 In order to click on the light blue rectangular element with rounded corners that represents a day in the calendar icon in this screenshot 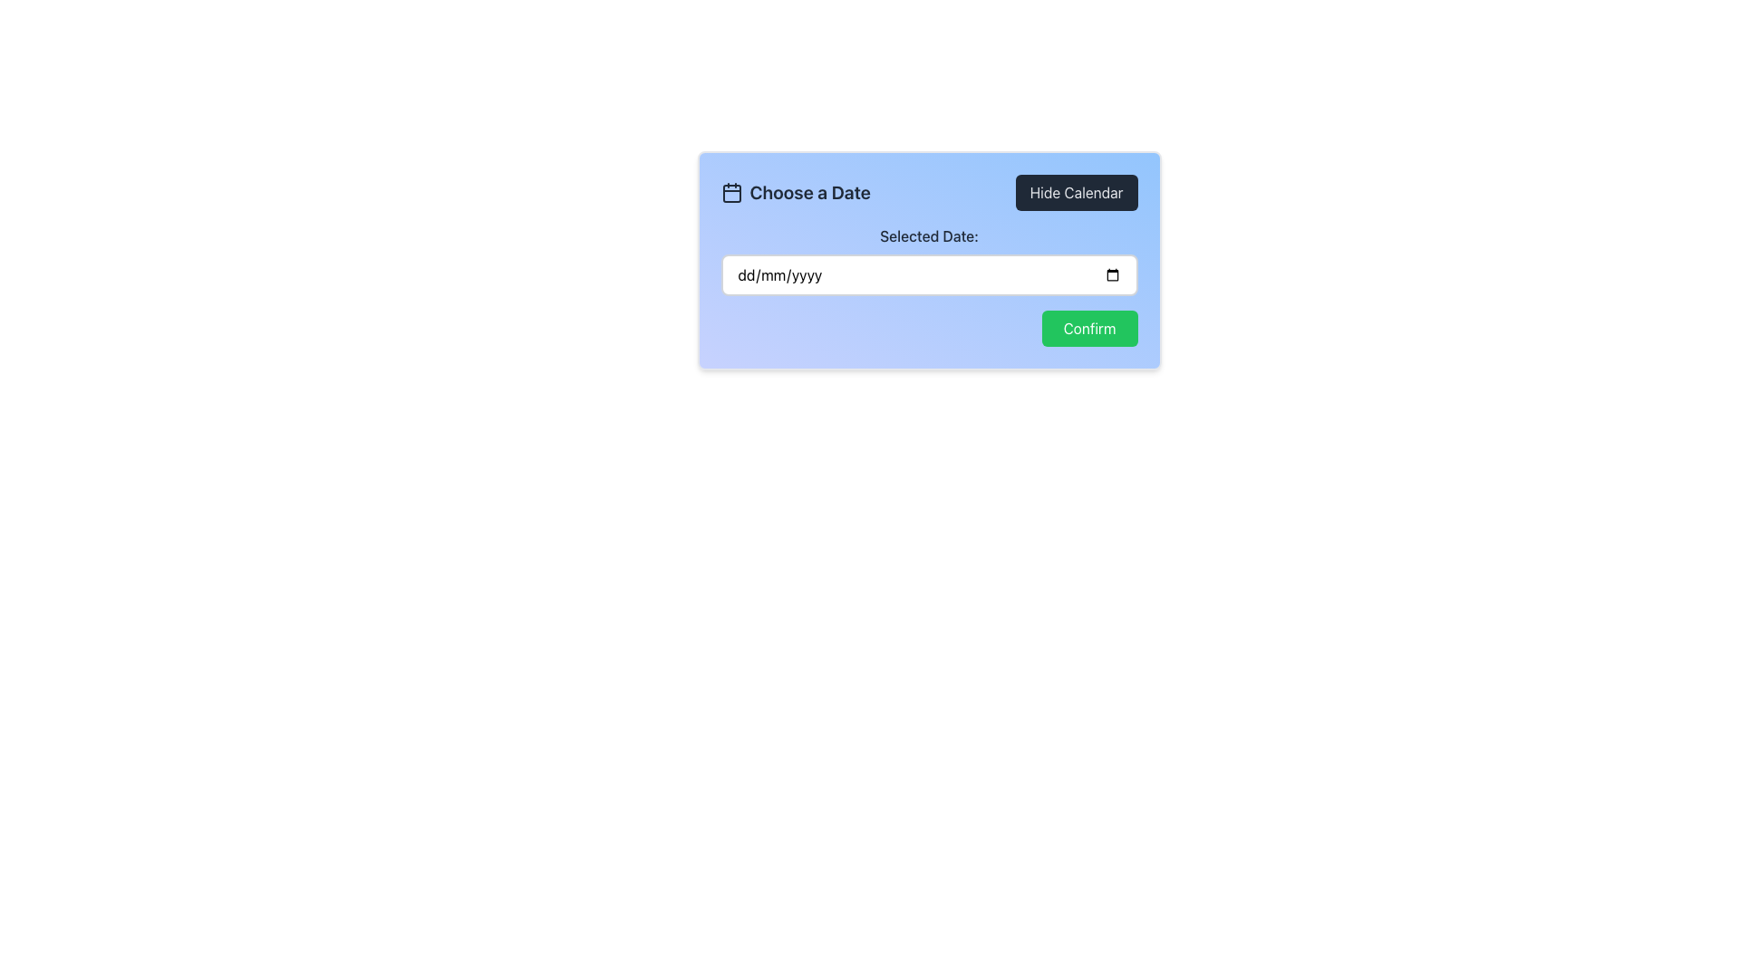, I will do `click(731, 193)`.